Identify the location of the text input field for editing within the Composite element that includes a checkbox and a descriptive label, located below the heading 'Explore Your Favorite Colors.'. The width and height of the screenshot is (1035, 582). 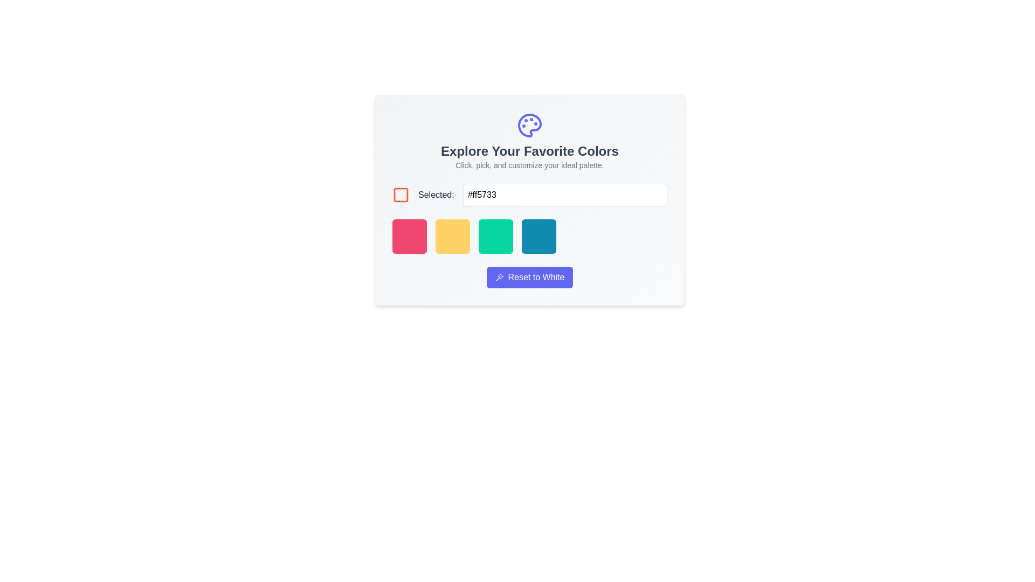
(530, 195).